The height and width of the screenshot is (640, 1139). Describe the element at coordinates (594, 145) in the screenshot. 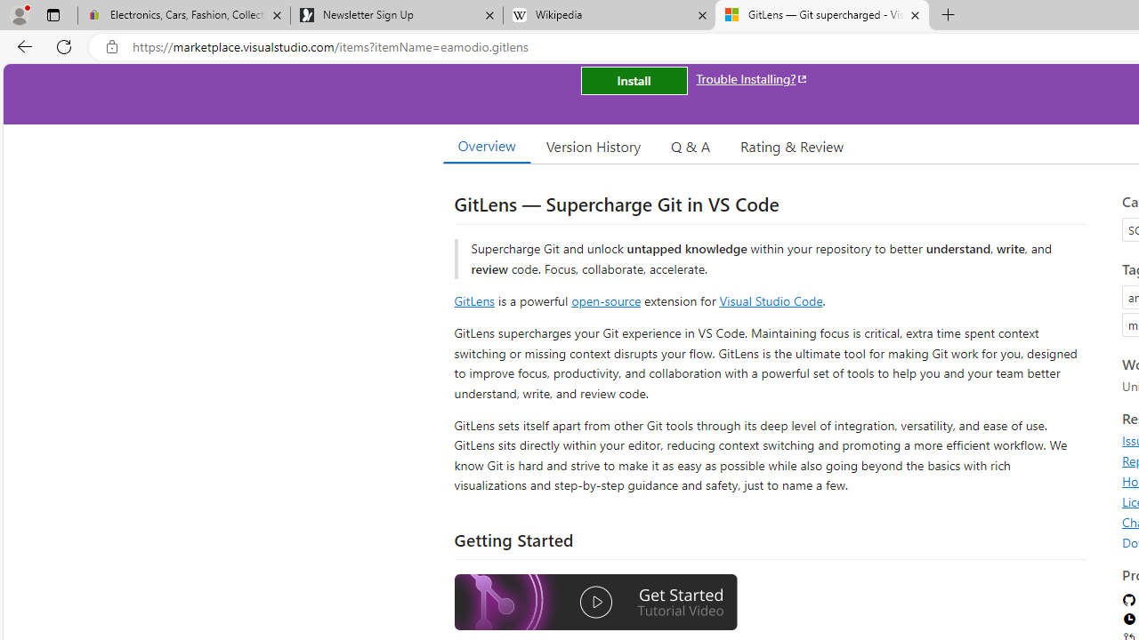

I see `'Version History'` at that location.